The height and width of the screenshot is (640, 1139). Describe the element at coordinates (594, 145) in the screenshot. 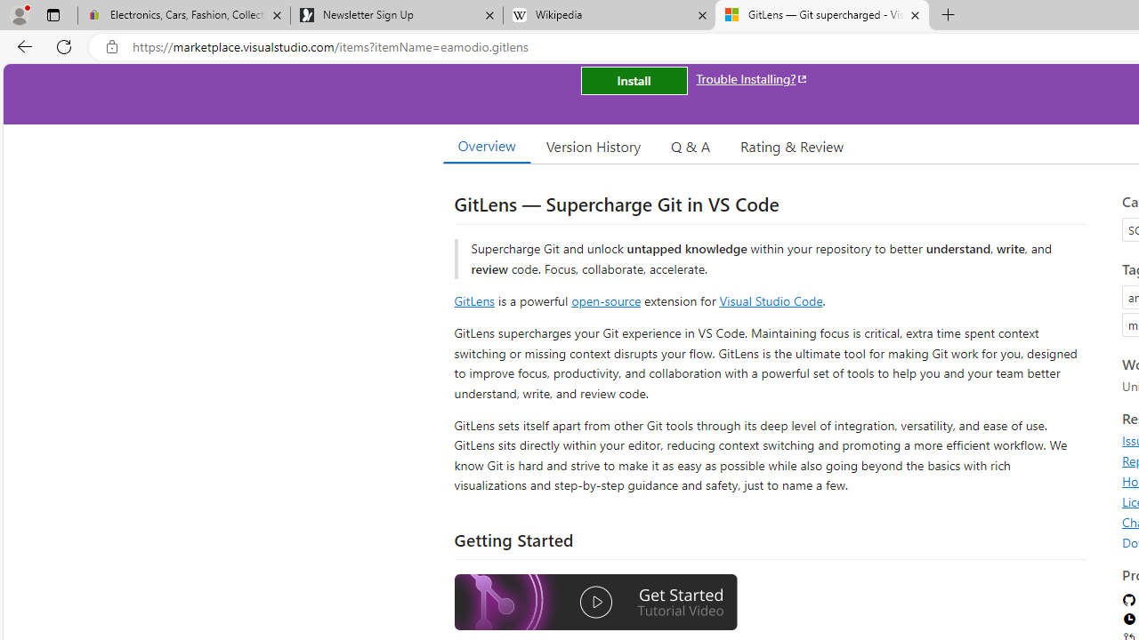

I see `'Version History'` at that location.